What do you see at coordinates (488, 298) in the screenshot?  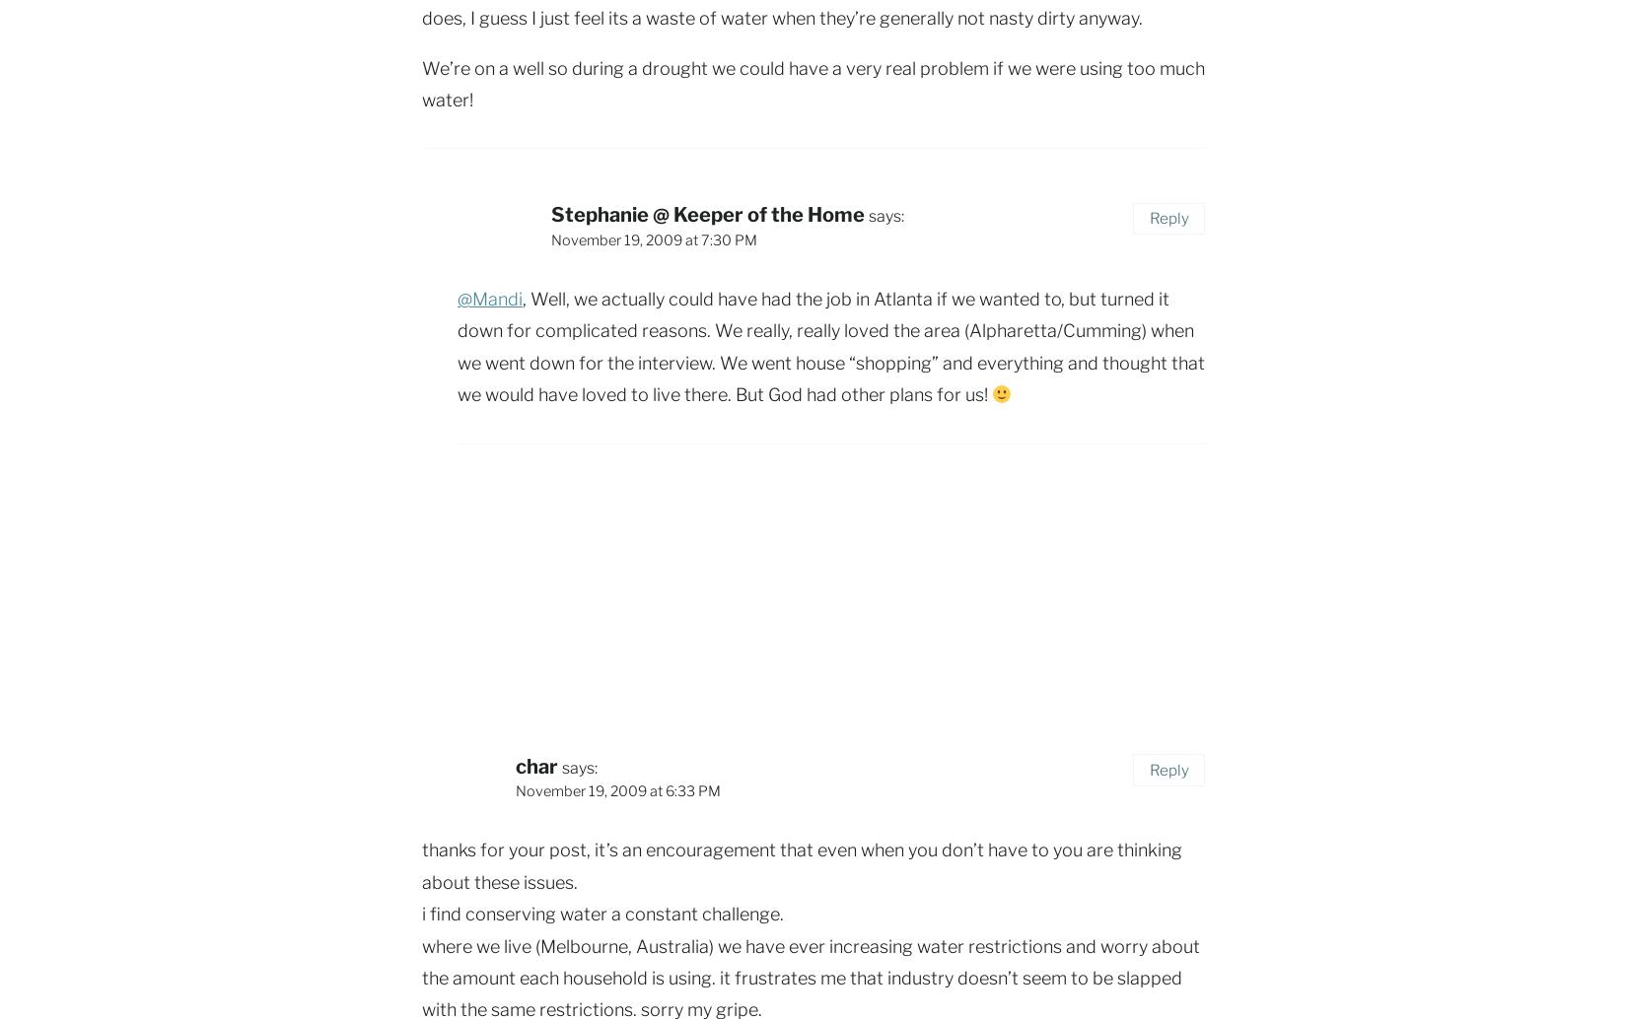 I see `'@Mandi'` at bounding box center [488, 298].